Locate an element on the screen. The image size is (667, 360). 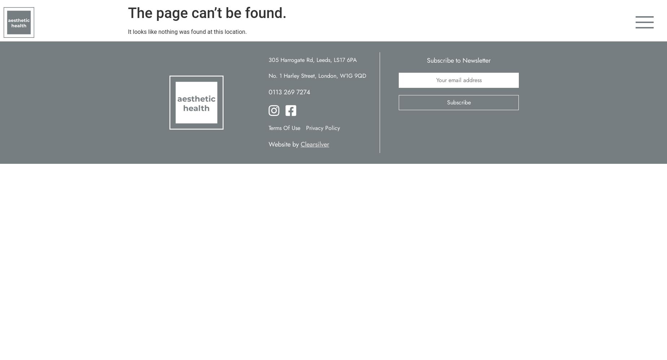
'305 Harrogate Rd, Leeds, LS17 6PA' is located at coordinates (312, 60).